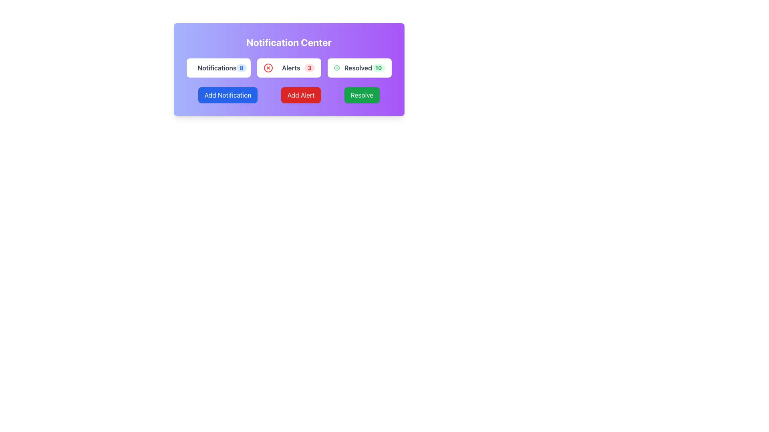 The width and height of the screenshot is (769, 432). I want to click on text content of the 'Alerts' label, which is displayed in bold, gray-colored font, located centrally in the header section of the interface, so click(290, 67).